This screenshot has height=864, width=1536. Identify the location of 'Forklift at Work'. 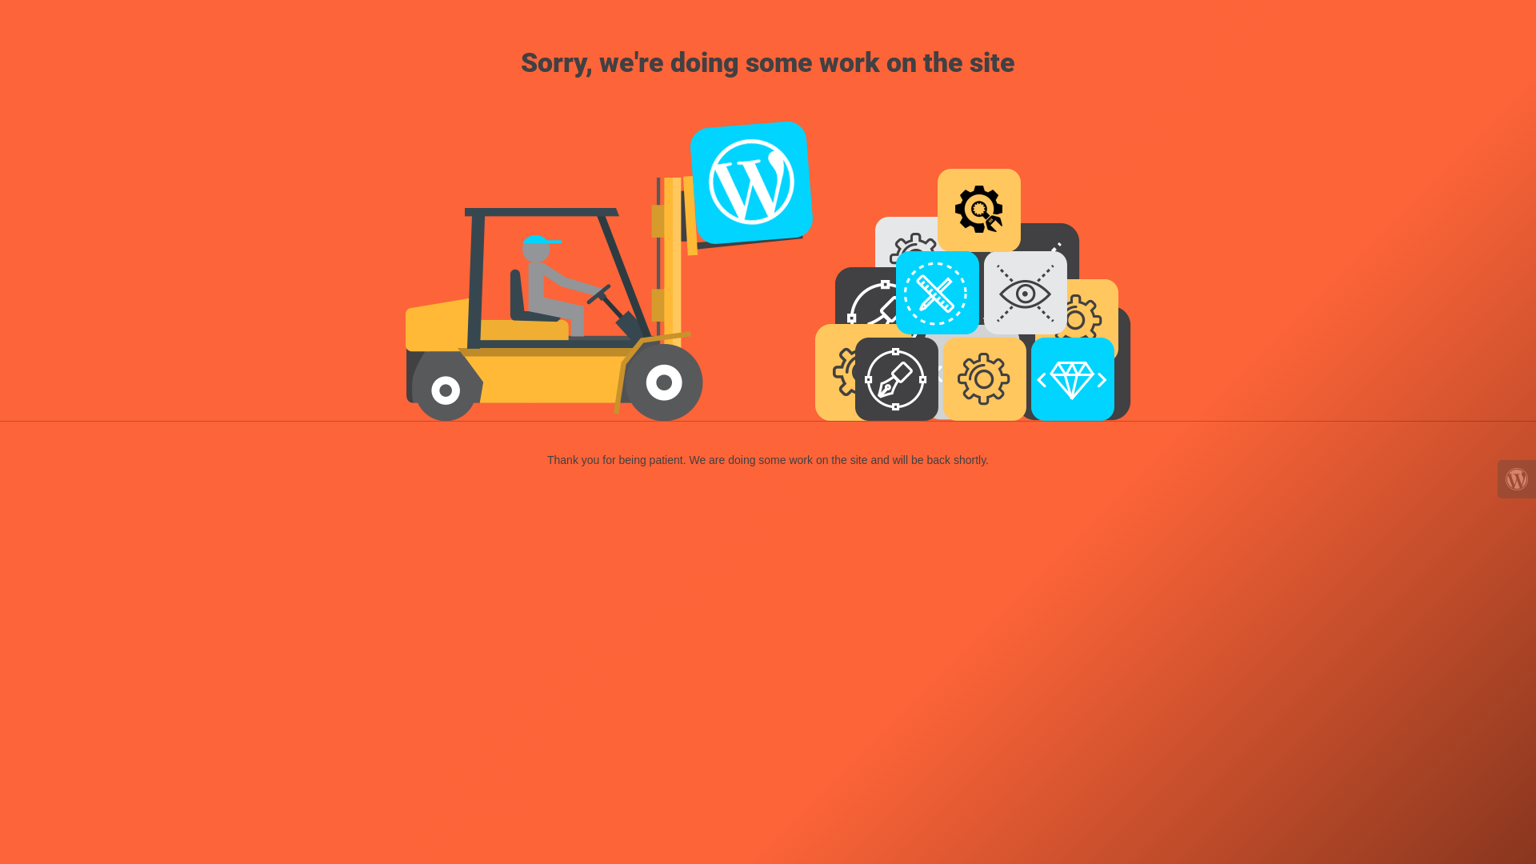
(766, 268).